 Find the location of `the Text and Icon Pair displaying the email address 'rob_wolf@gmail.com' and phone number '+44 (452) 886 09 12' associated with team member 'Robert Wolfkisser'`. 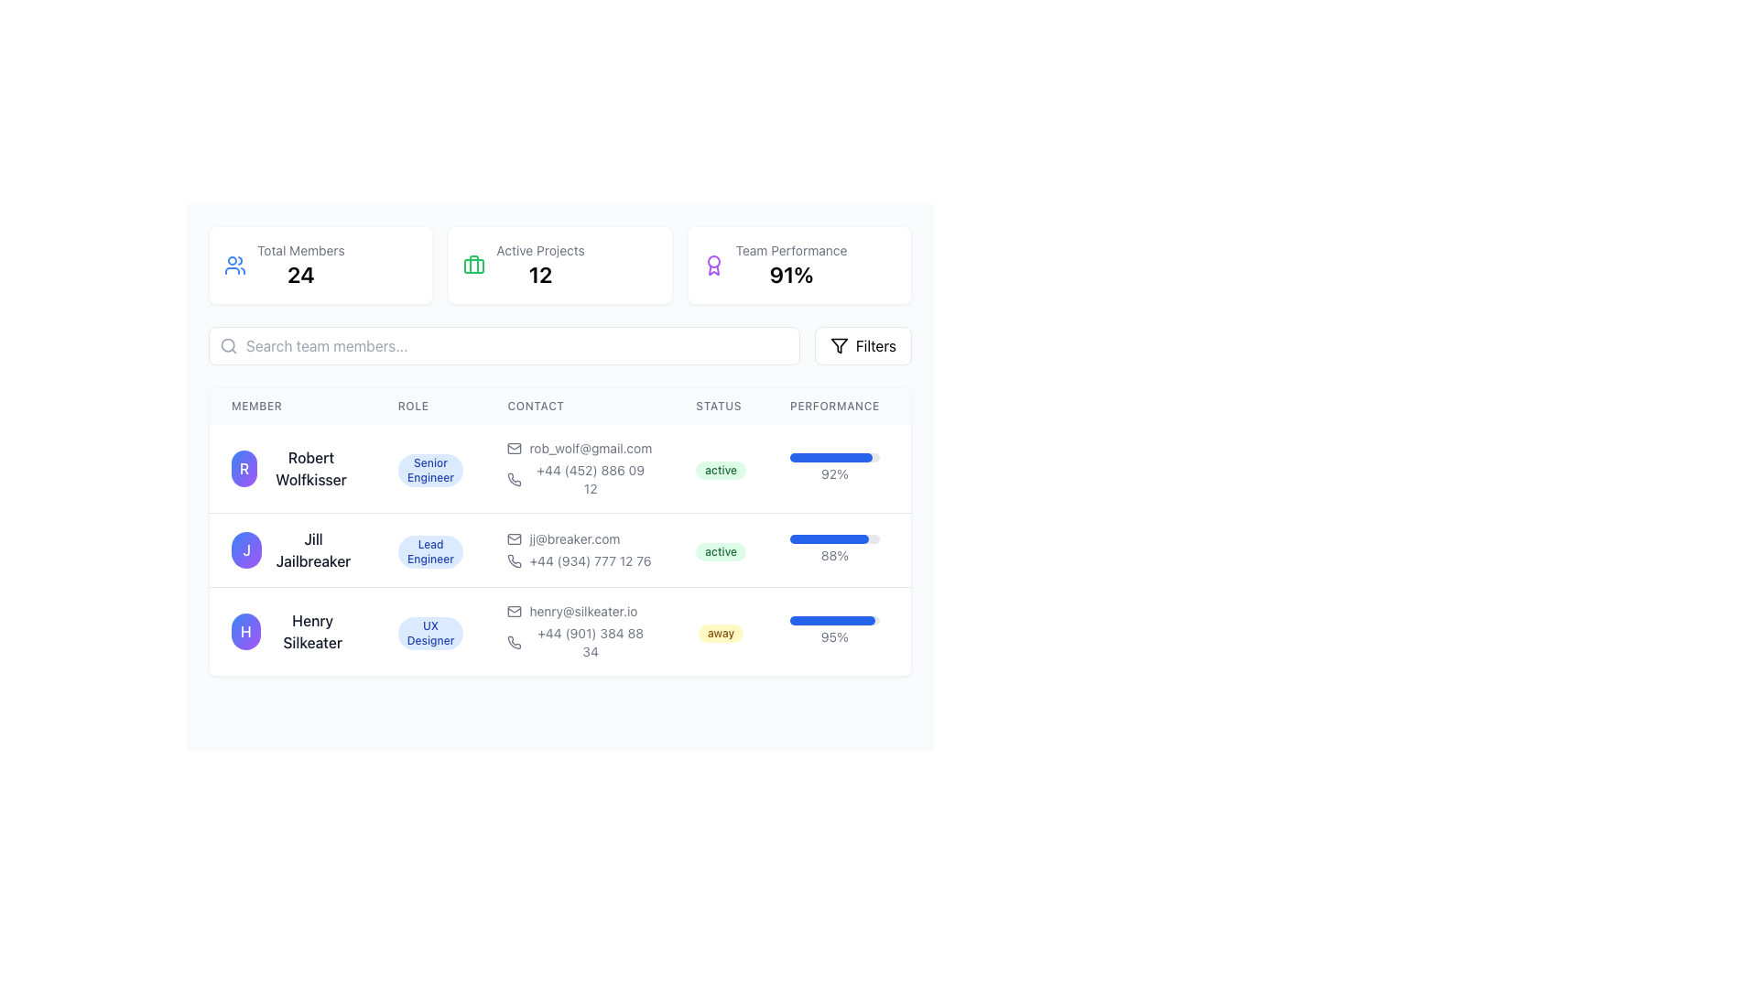

the Text and Icon Pair displaying the email address 'rob_wolf@gmail.com' and phone number '+44 (452) 886 09 12' associated with team member 'Robert Wolfkisser' is located at coordinates (579, 468).